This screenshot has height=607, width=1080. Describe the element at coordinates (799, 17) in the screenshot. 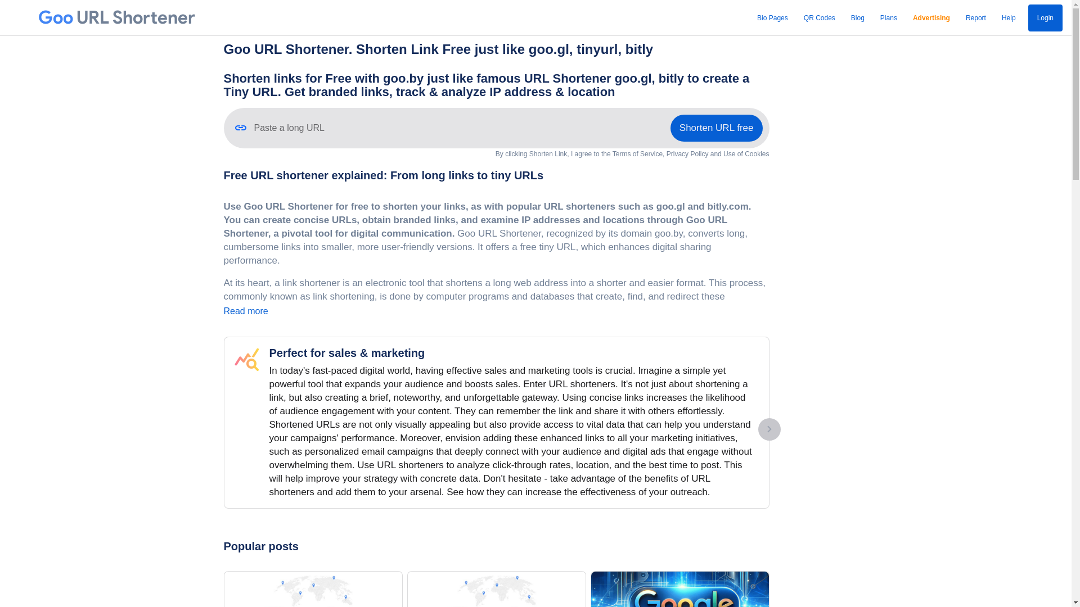

I see `'QR Codes'` at that location.